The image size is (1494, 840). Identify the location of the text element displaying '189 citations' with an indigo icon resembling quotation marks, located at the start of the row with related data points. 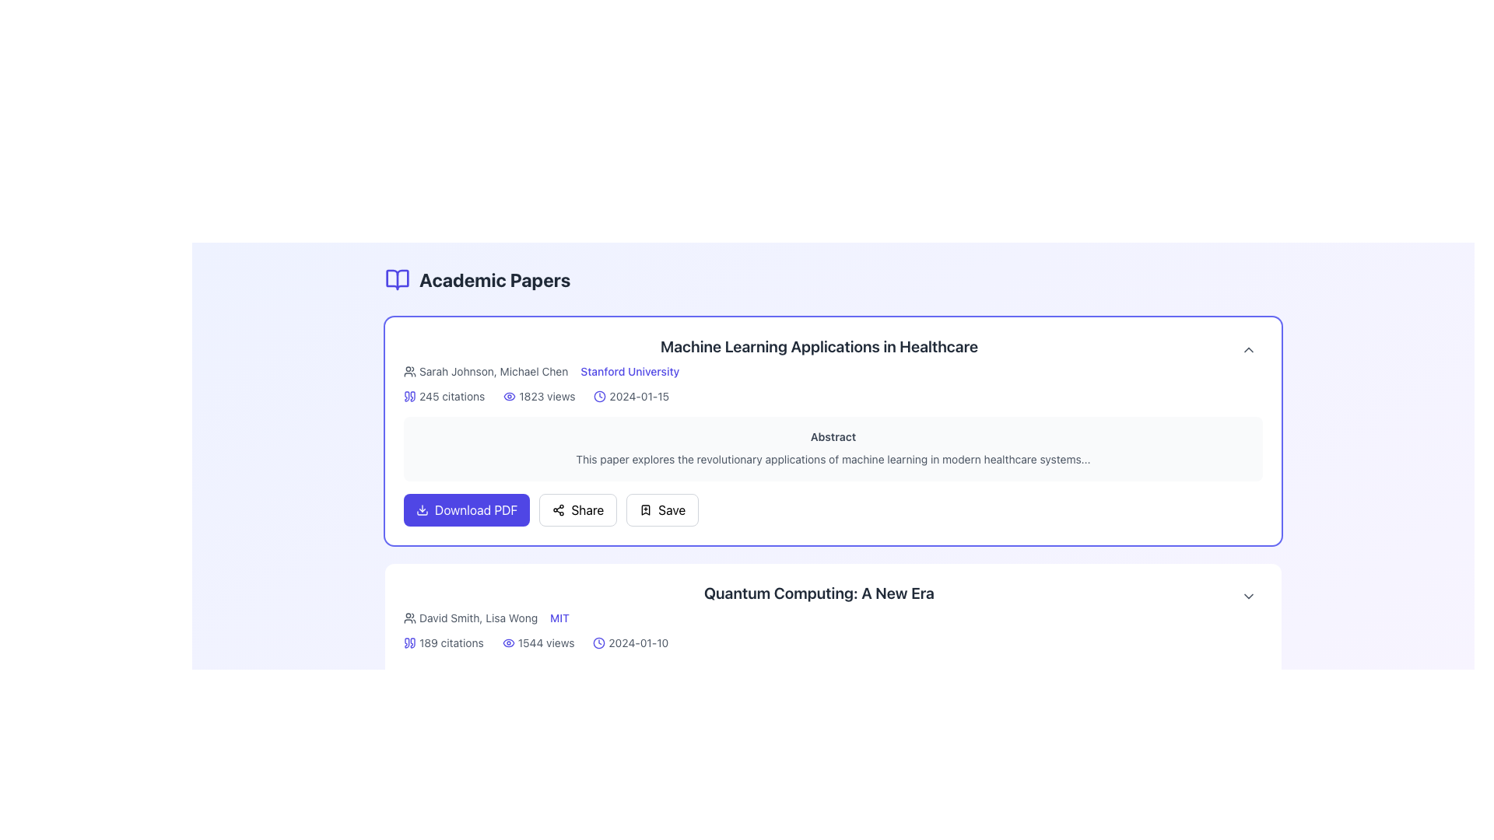
(443, 642).